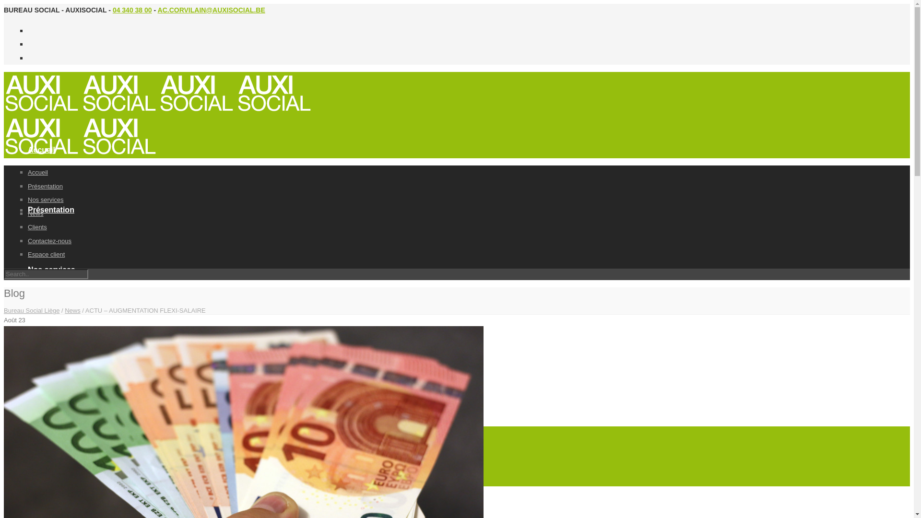 This screenshot has width=921, height=518. Describe the element at coordinates (35, 213) in the screenshot. I see `'News'` at that location.